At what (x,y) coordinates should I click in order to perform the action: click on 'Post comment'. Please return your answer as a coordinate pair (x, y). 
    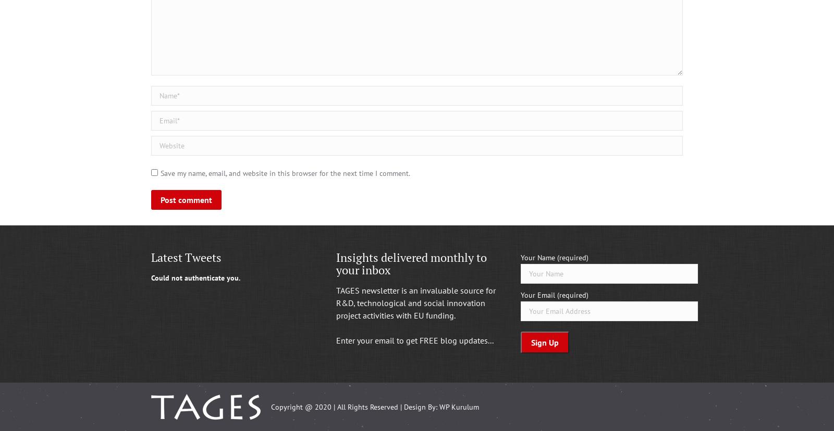
    Looking at the image, I should click on (186, 199).